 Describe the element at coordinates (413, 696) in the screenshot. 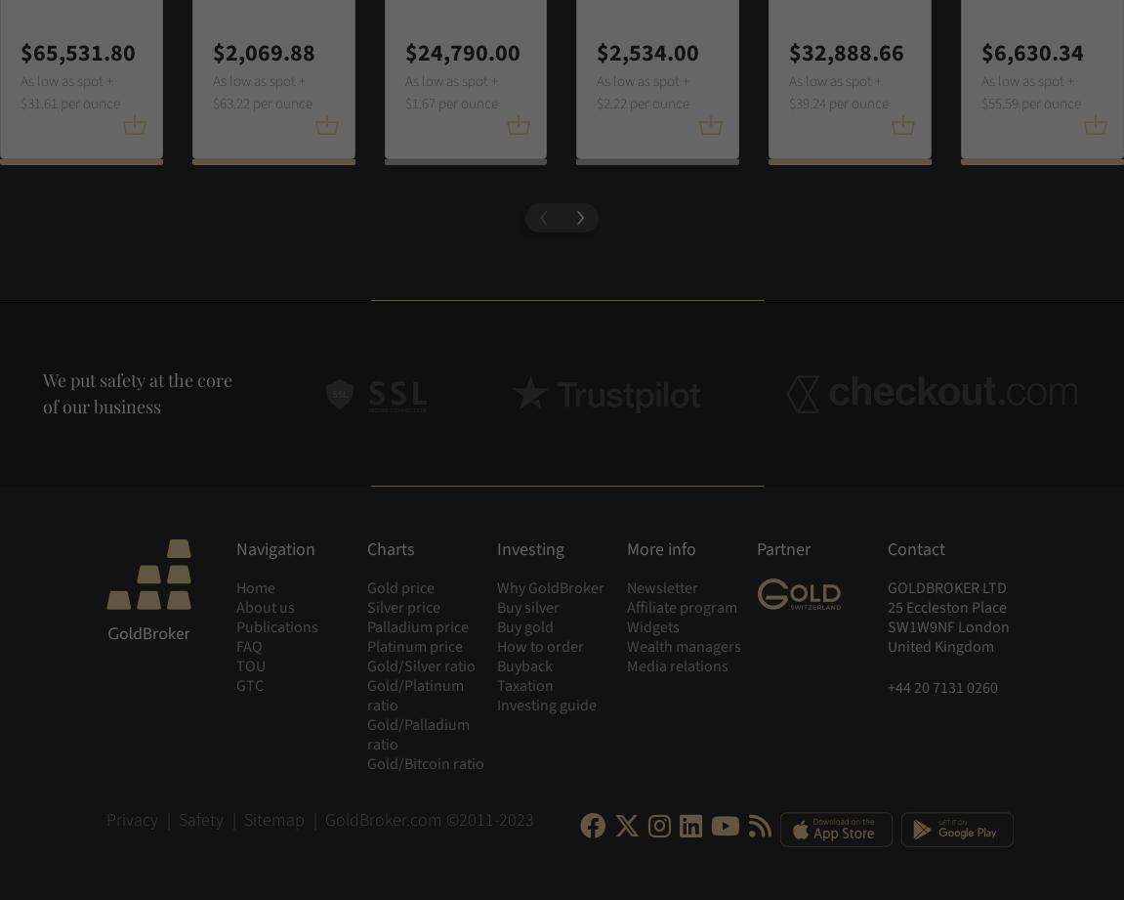

I see `'Gold/Platinum ratio'` at that location.